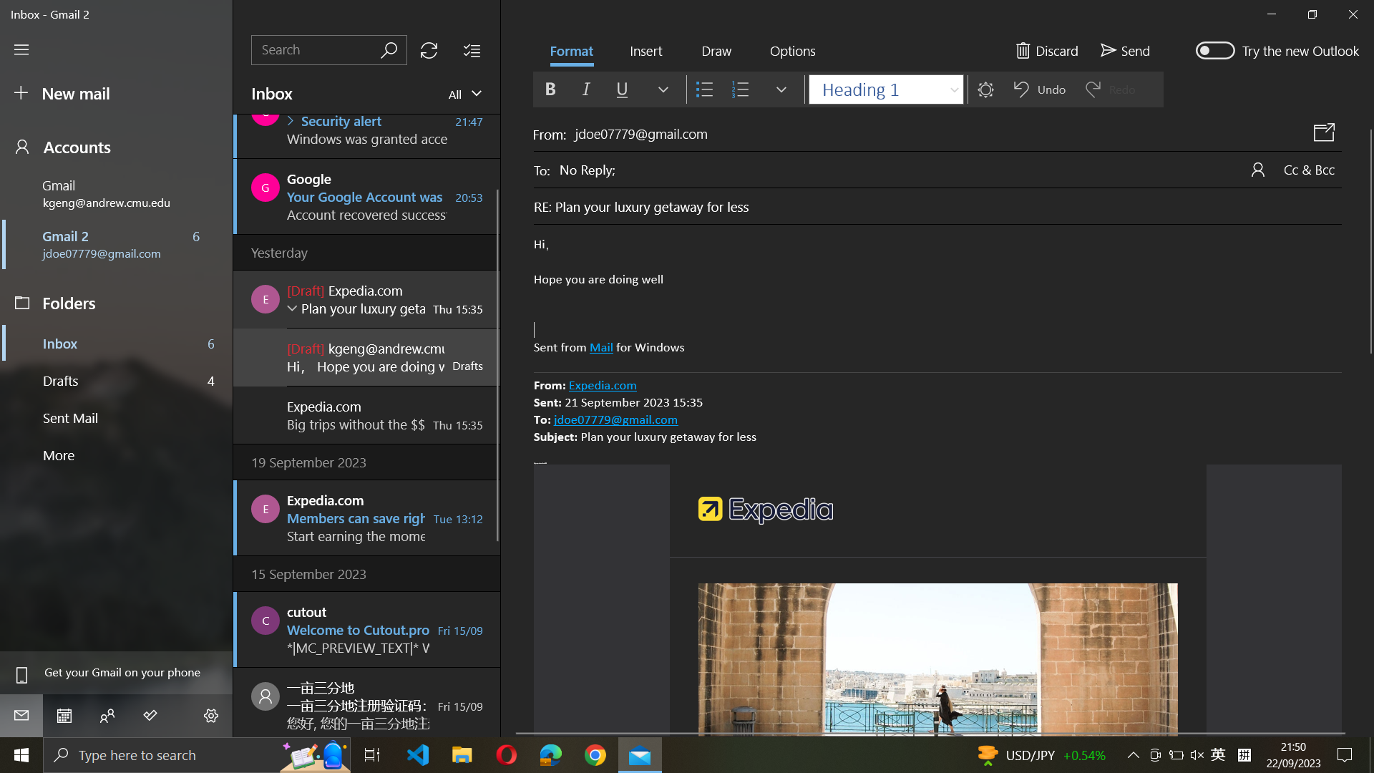 The width and height of the screenshot is (1374, 773). I want to click on entire text in the mail body and apply both bold and italics styling, so click(937, 296).